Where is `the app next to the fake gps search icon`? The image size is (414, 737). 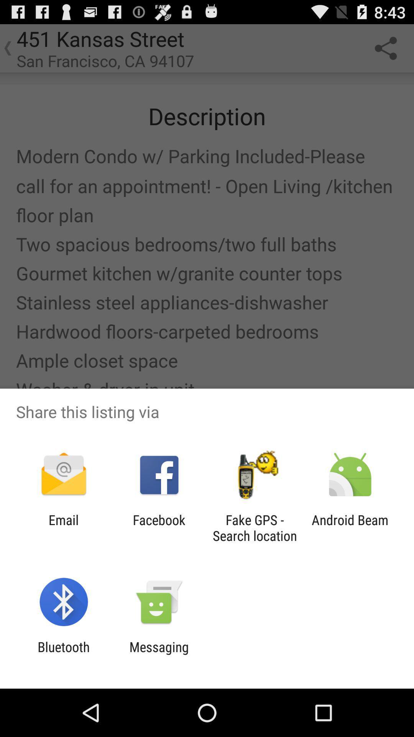 the app next to the fake gps search icon is located at coordinates (350, 527).